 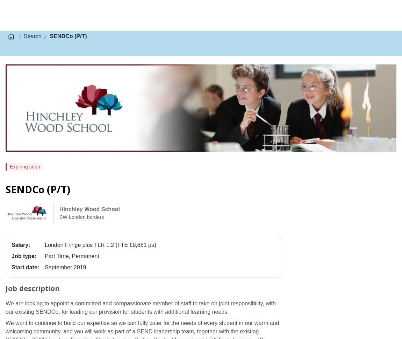 I want to click on 'Visit employer website', so click(x=180, y=214).